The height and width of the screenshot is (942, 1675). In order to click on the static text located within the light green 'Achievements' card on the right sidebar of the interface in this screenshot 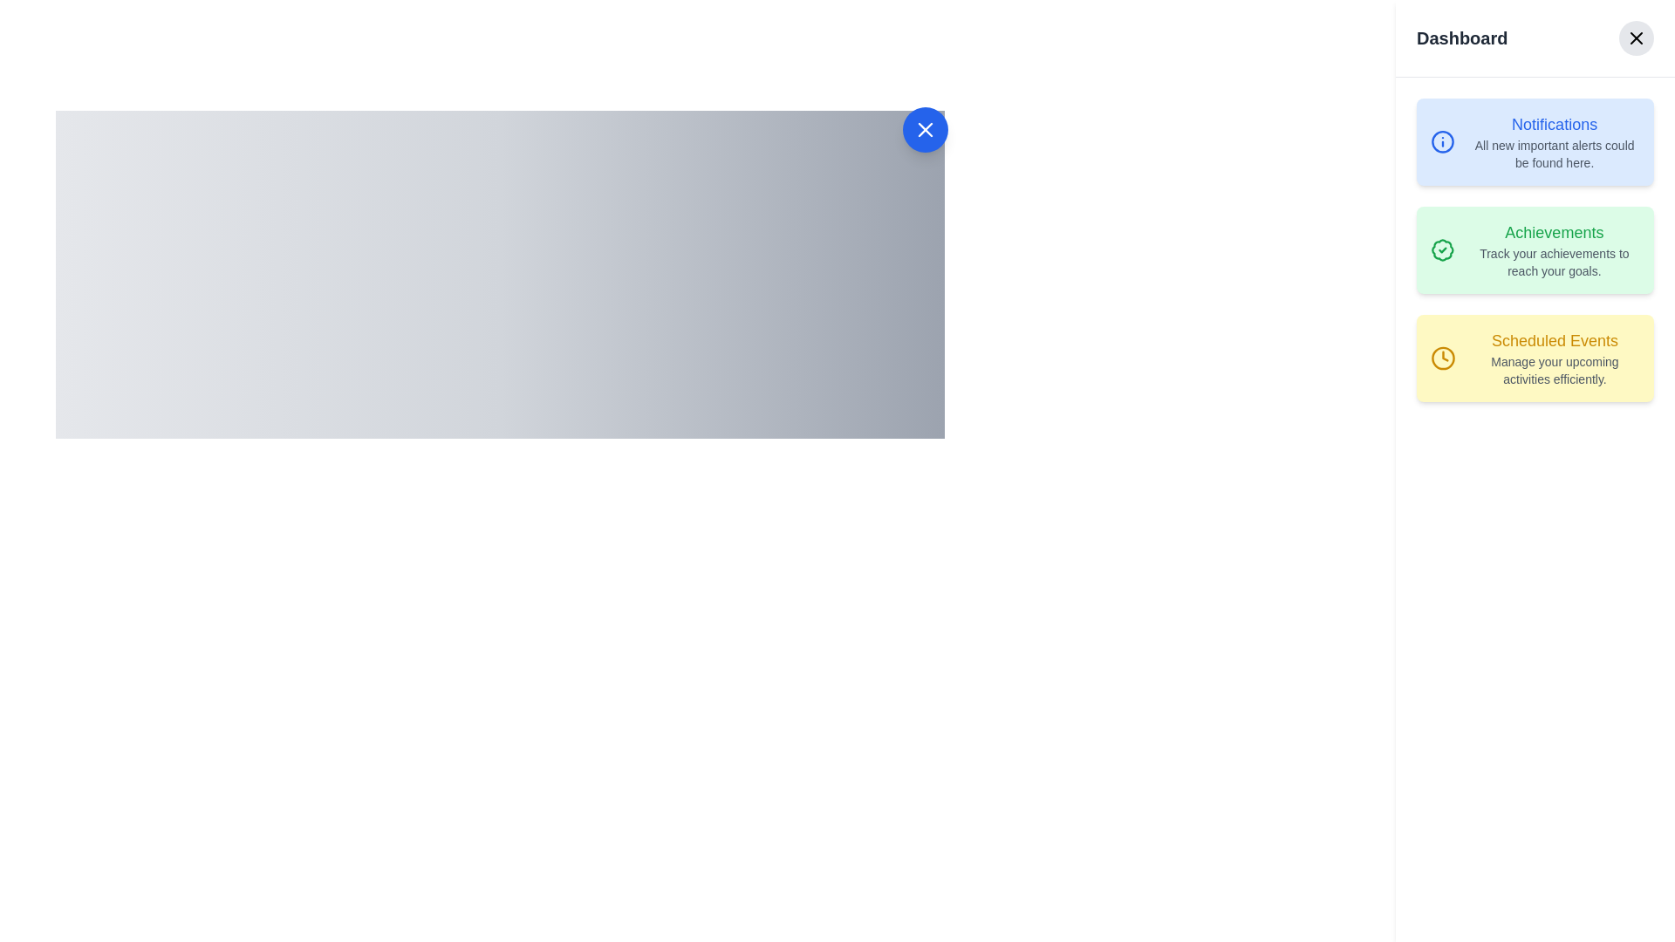, I will do `click(1554, 262)`.